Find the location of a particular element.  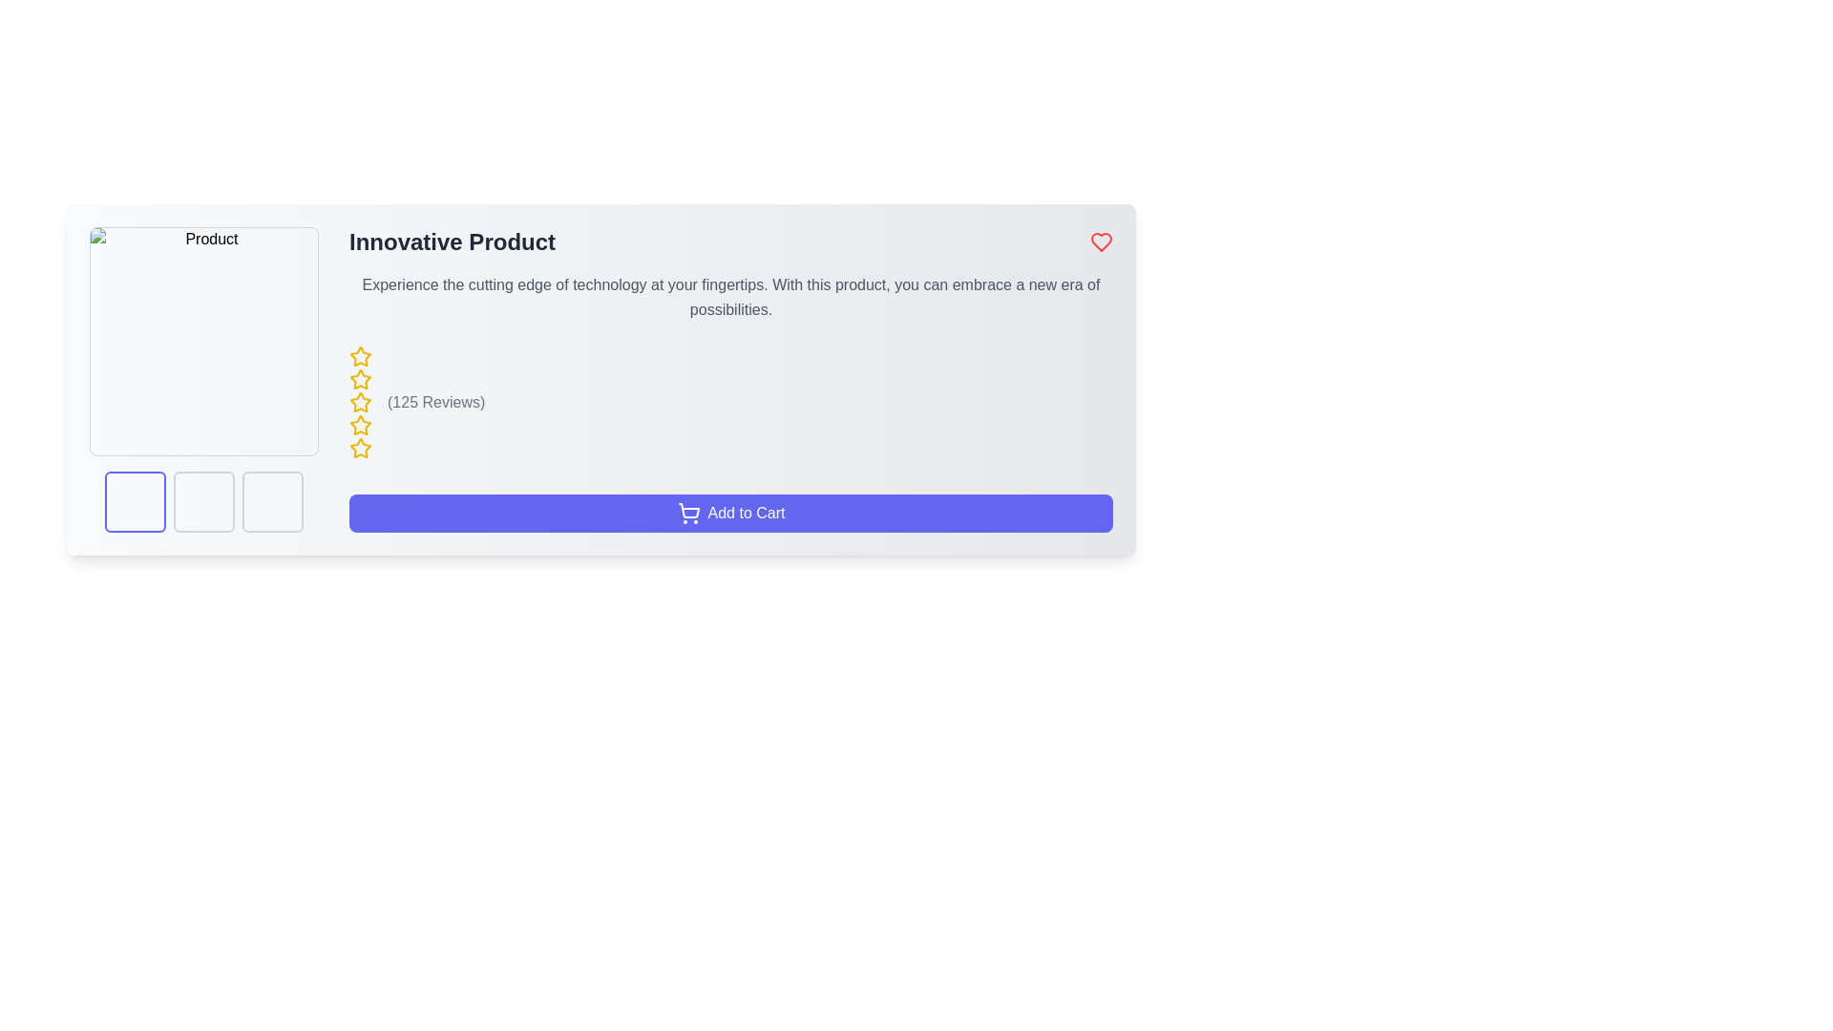

the heart-shaped SVG icon located in the top-right corner of the interface is located at coordinates (1101, 242).